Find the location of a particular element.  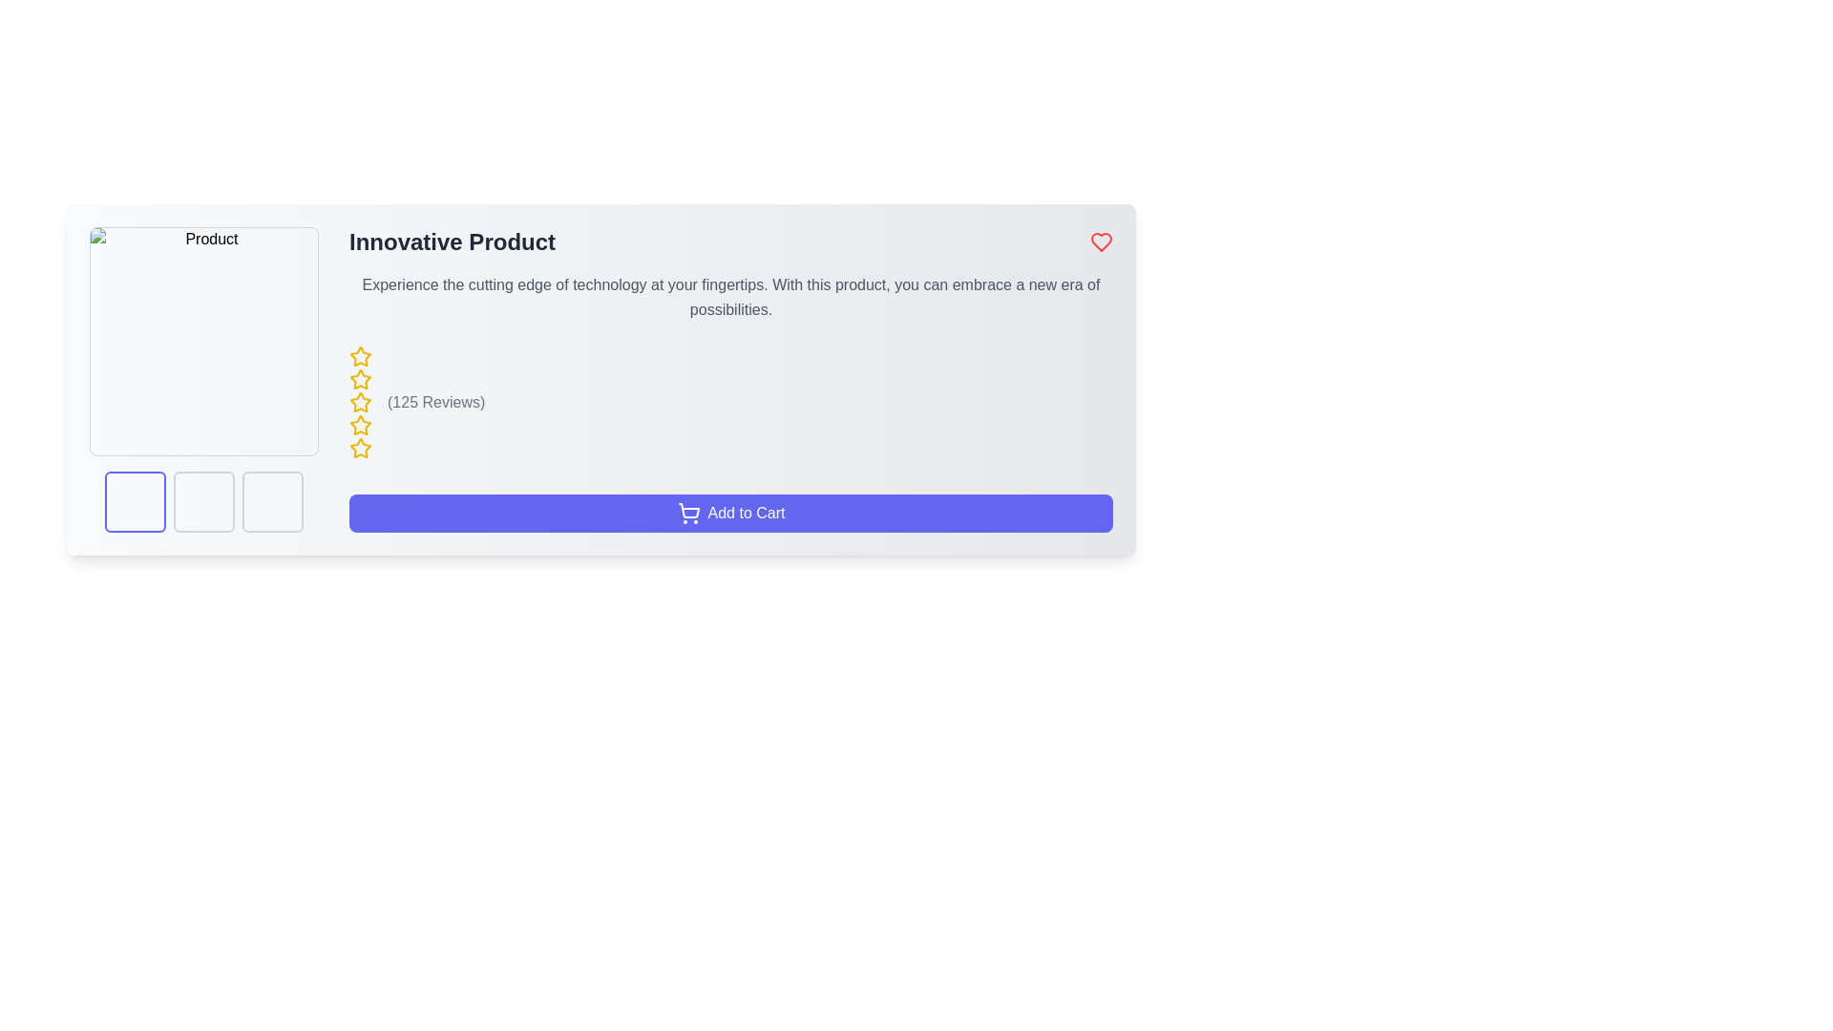

the heart-shaped SVG icon located in the top-right corner of the interface is located at coordinates (1101, 242).